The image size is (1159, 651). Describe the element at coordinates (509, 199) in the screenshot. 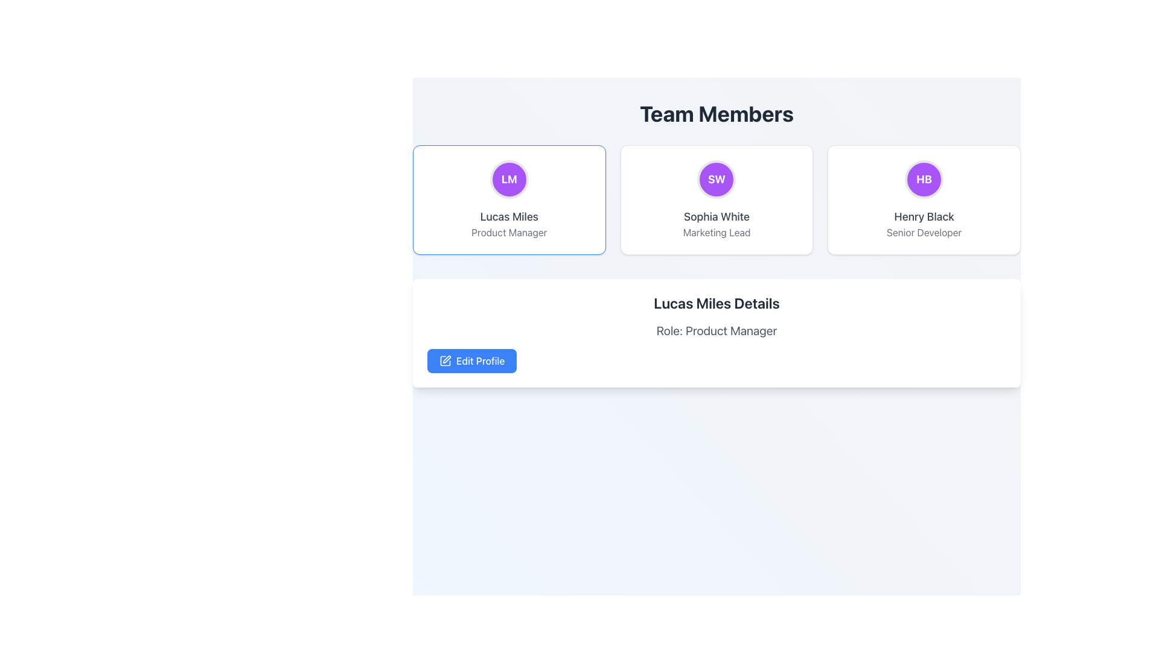

I see `the leftmost Clickable Profile Card in the grid layout` at that location.